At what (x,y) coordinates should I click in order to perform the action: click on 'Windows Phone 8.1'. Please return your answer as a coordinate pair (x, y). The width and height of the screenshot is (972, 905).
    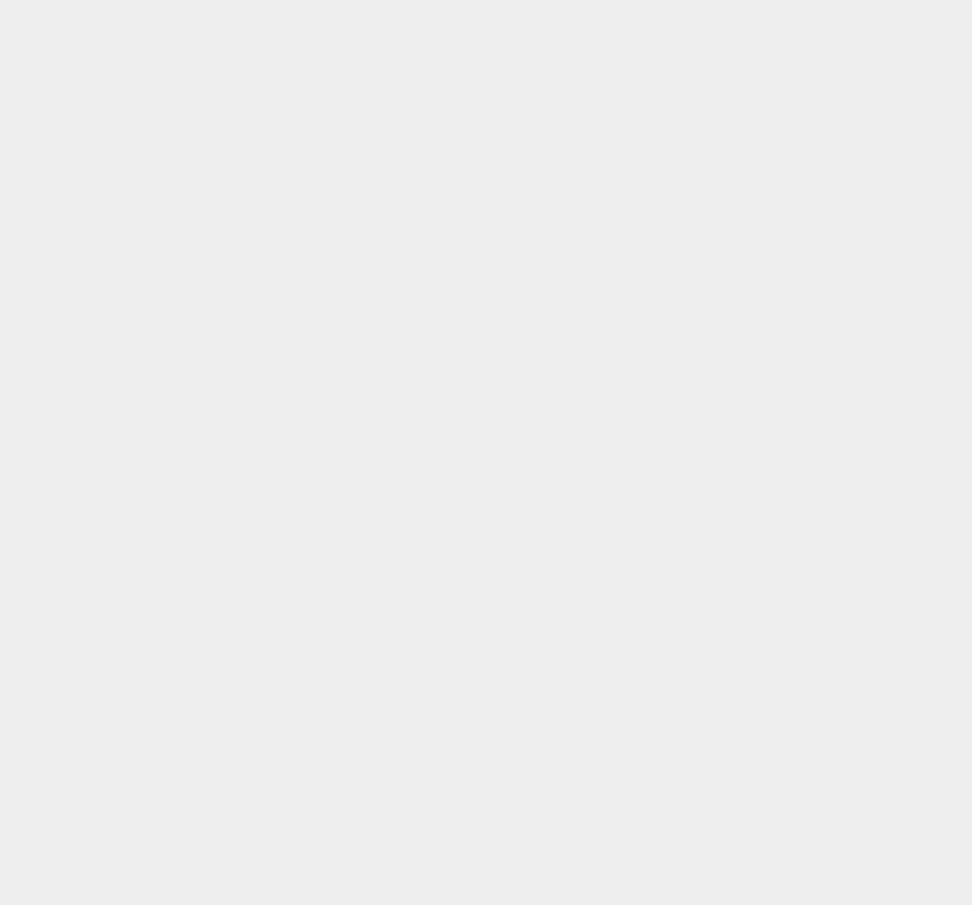
    Looking at the image, I should click on (686, 837).